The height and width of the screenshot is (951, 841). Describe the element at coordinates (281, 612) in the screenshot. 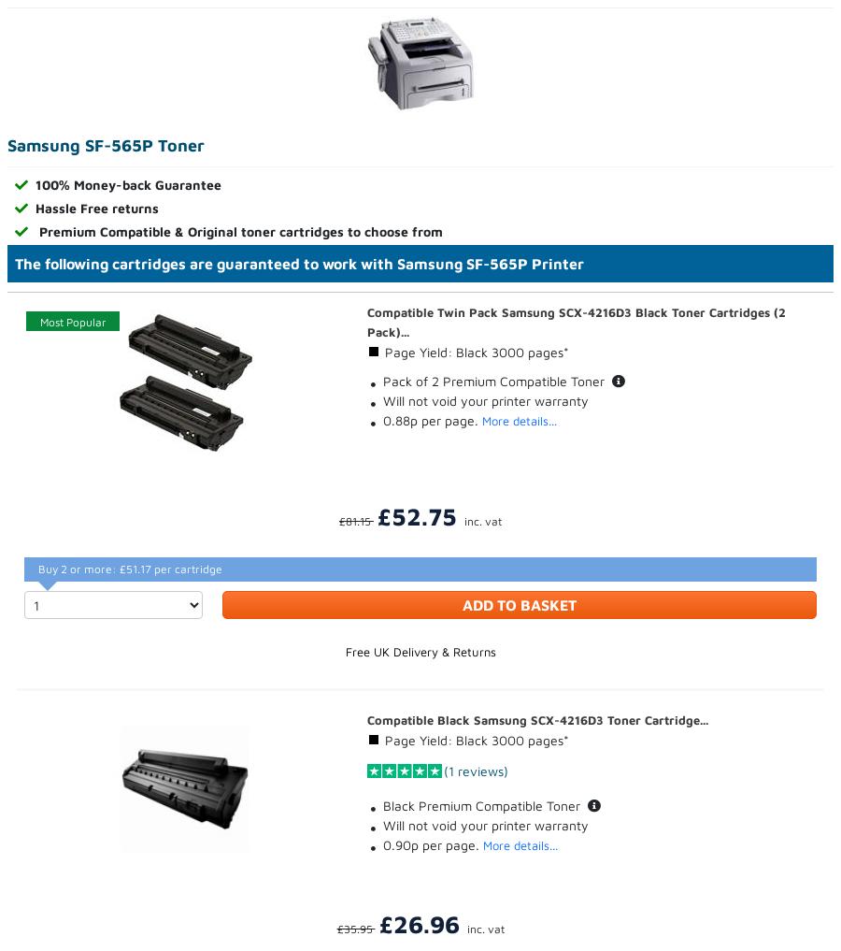

I see `'inkjet cartridges.'` at that location.